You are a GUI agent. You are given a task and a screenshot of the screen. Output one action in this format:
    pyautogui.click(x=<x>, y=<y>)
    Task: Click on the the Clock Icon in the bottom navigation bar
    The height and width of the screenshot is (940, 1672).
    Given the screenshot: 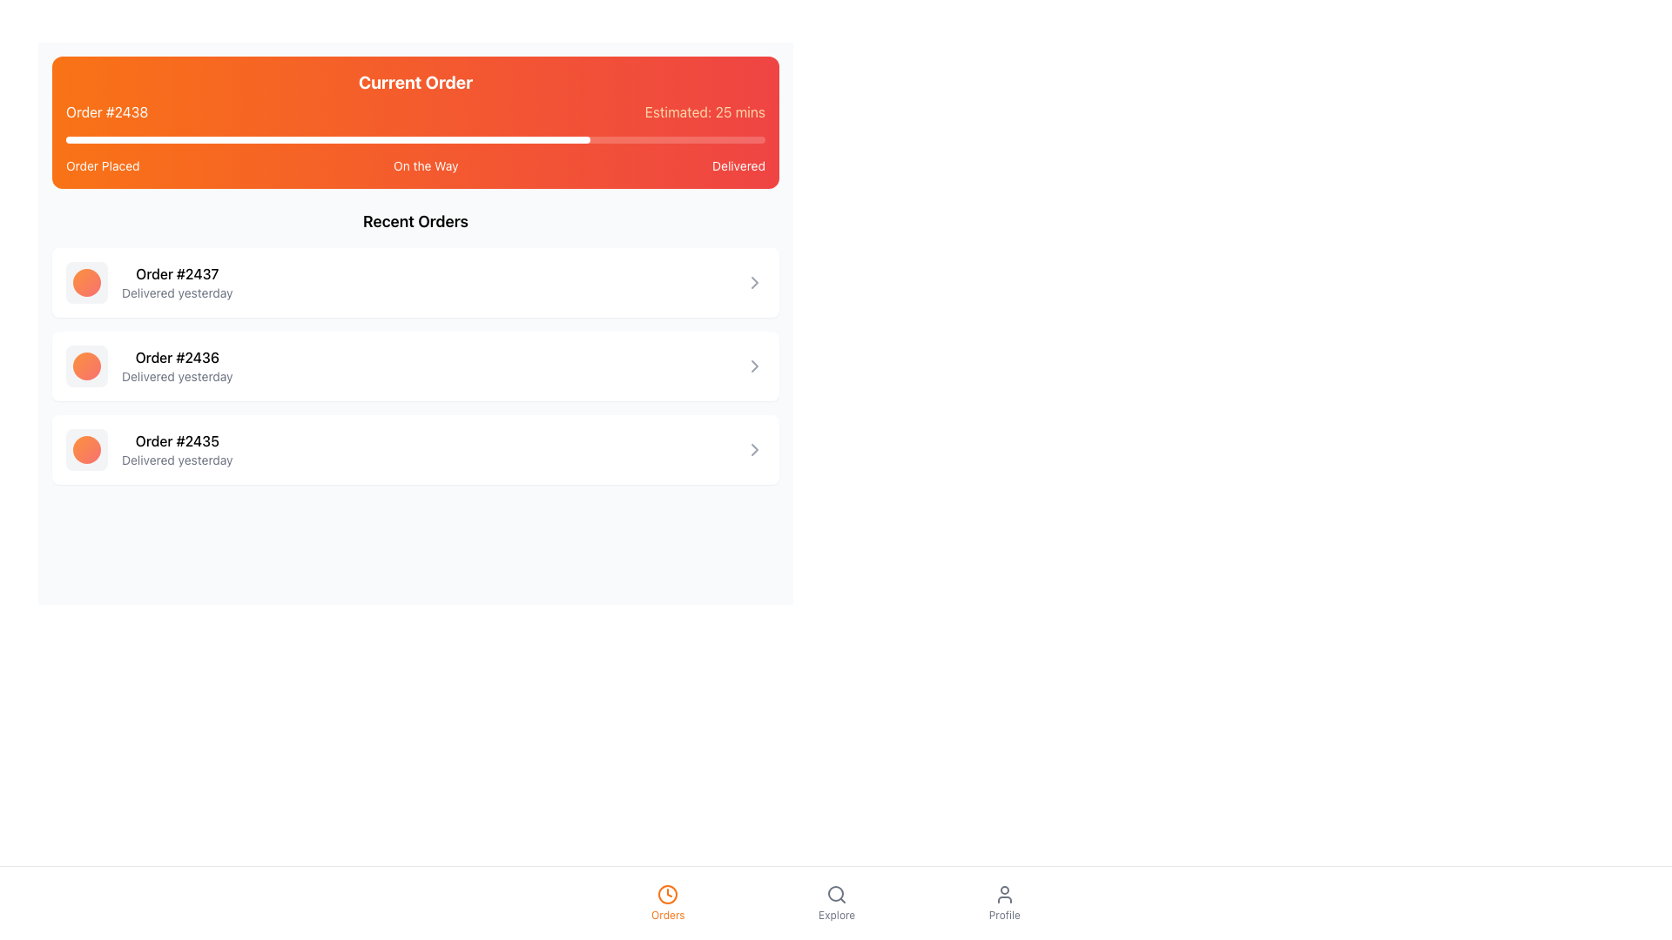 What is the action you would take?
    pyautogui.click(x=667, y=895)
    